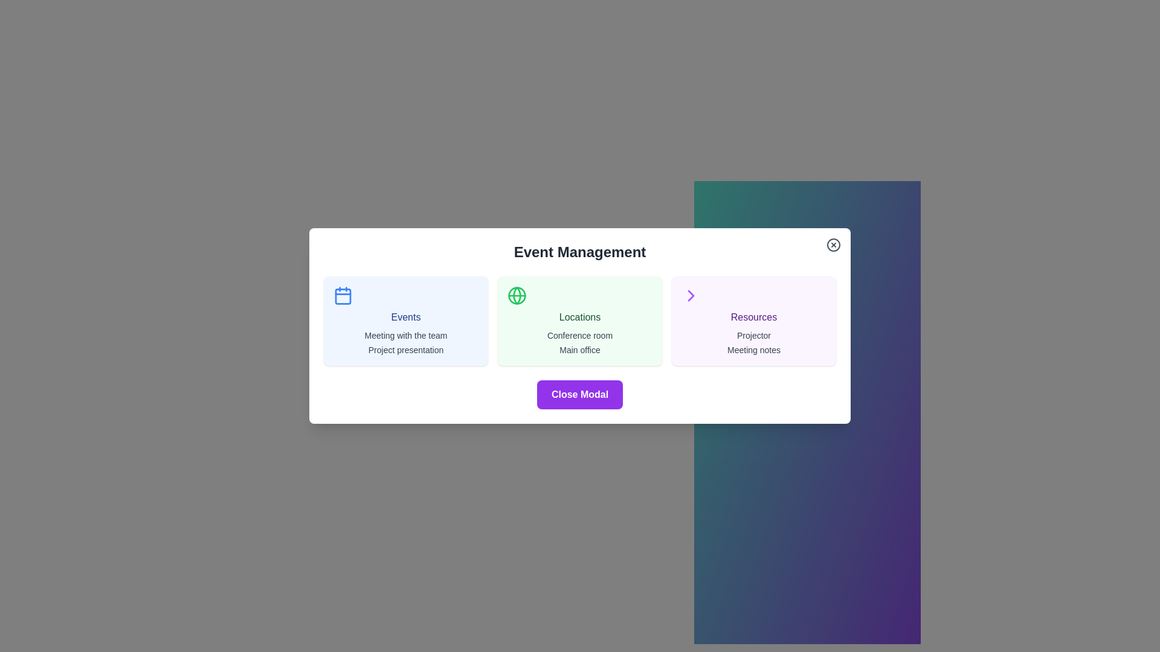  Describe the element at coordinates (753, 350) in the screenshot. I see `the static text label in the 'Resources' section of the modal dialog, located below the 'Projector' text` at that location.